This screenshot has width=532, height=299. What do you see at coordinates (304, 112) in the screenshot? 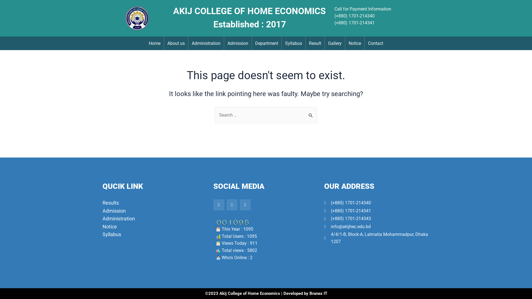
I see `'Search'` at bounding box center [304, 112].